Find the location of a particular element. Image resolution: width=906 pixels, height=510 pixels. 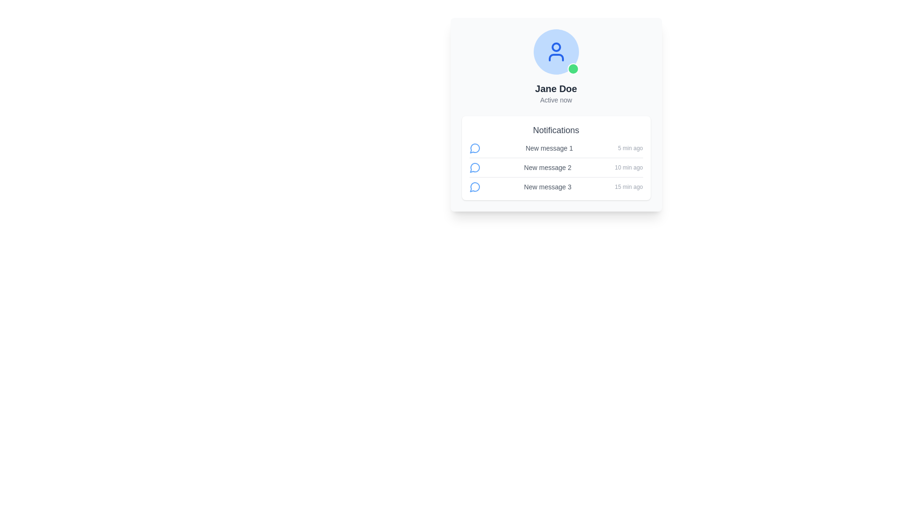

the second notification item in the notification list is located at coordinates (556, 169).